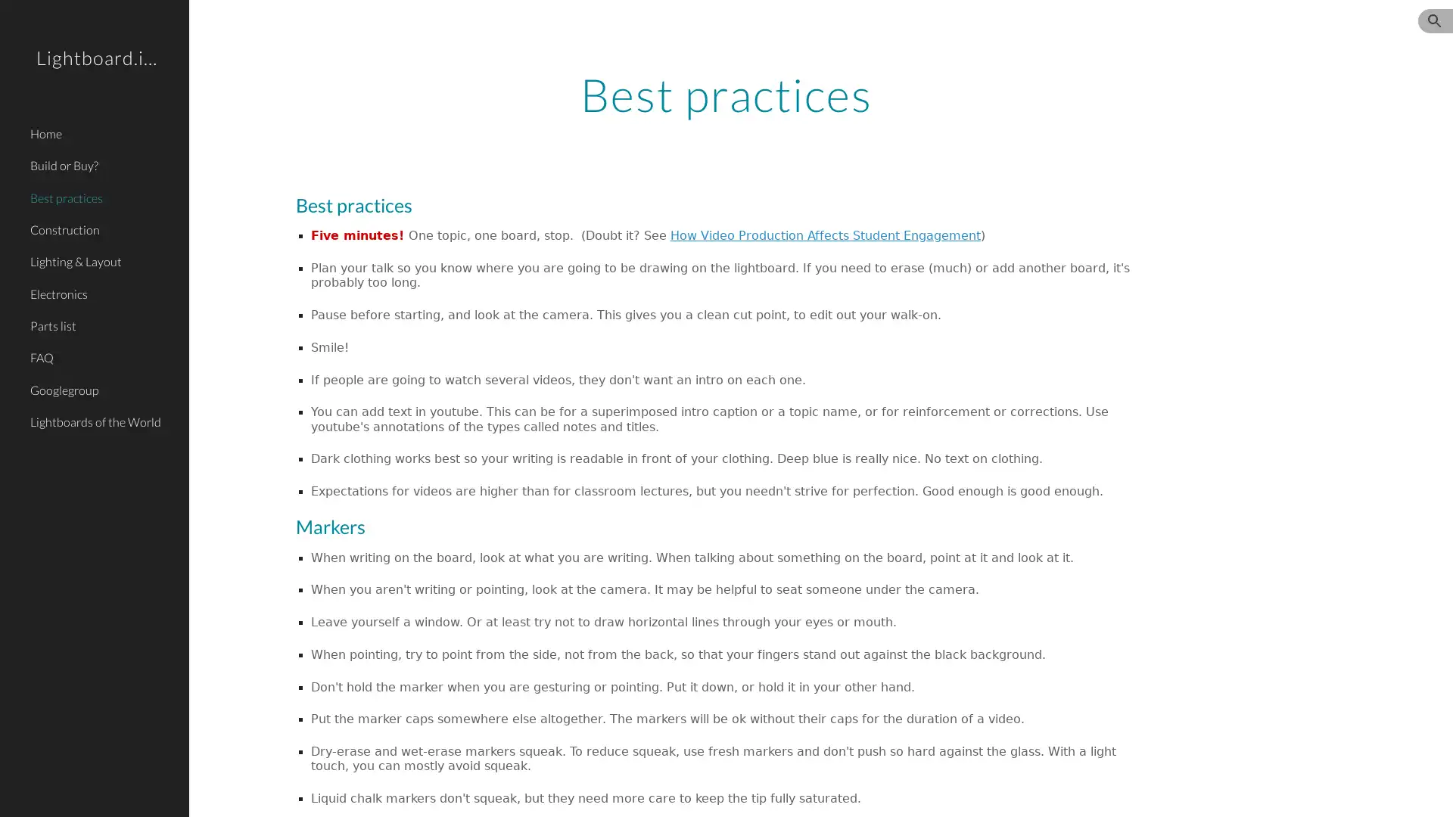 The height and width of the screenshot is (817, 1453). Describe the element at coordinates (216, 790) in the screenshot. I see `Site actions` at that location.